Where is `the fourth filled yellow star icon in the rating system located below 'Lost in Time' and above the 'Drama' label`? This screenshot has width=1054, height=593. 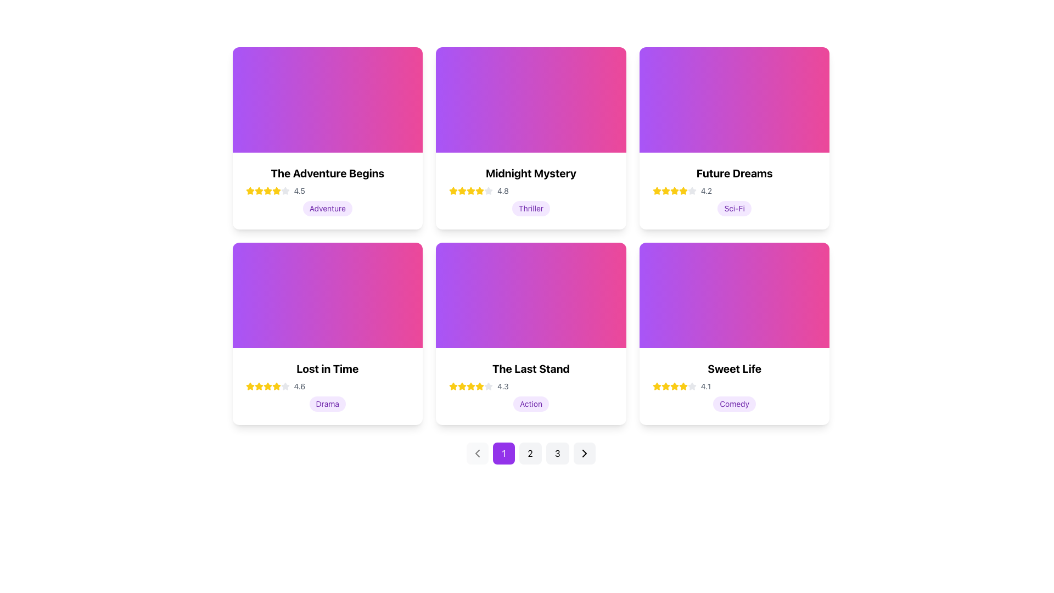
the fourth filled yellow star icon in the rating system located below 'Lost in Time' and above the 'Drama' label is located at coordinates (276, 385).